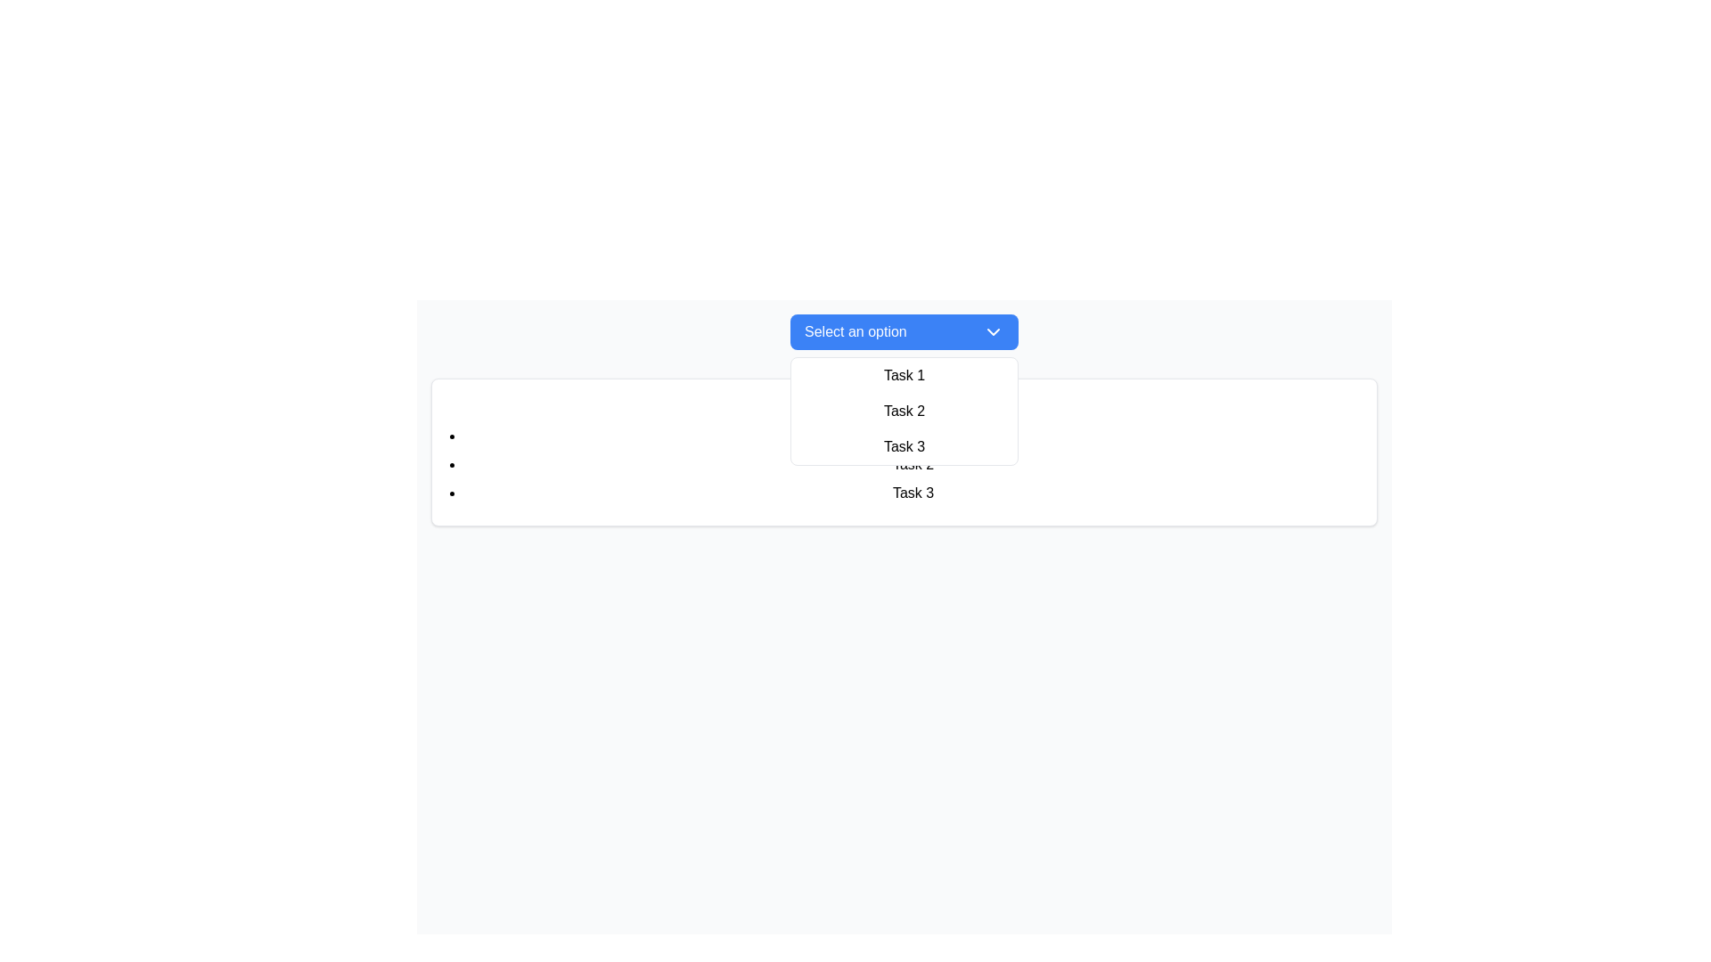 The image size is (1711, 962). What do you see at coordinates (904, 374) in the screenshot?
I see `the dropdown option labeled 'Task 1'` at bounding box center [904, 374].